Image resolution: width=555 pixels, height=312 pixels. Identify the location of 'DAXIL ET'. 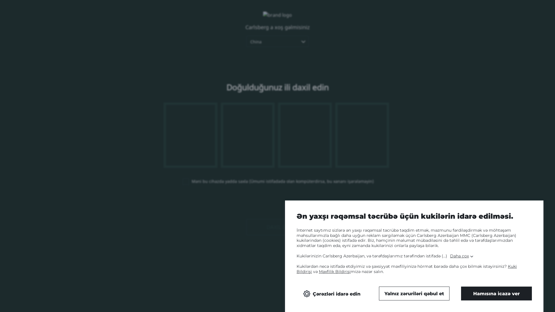
(277, 227).